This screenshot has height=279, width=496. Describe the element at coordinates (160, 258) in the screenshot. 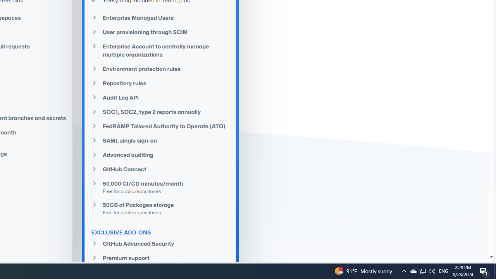

I see `'Premium support'` at that location.